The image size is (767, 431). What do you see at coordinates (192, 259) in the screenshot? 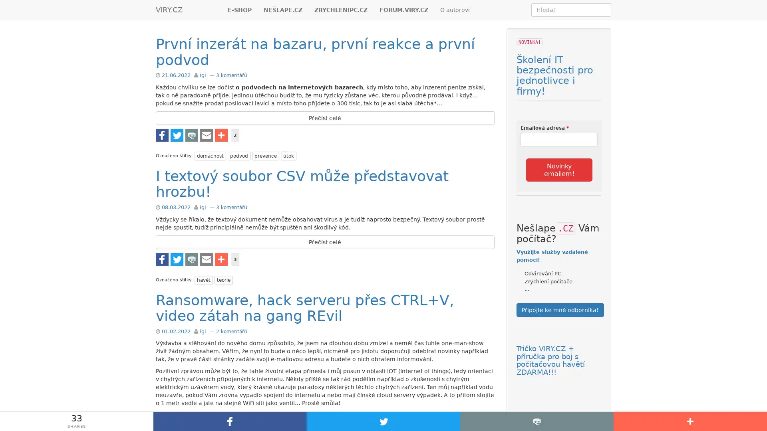
I see `Share to Tisknout` at bounding box center [192, 259].